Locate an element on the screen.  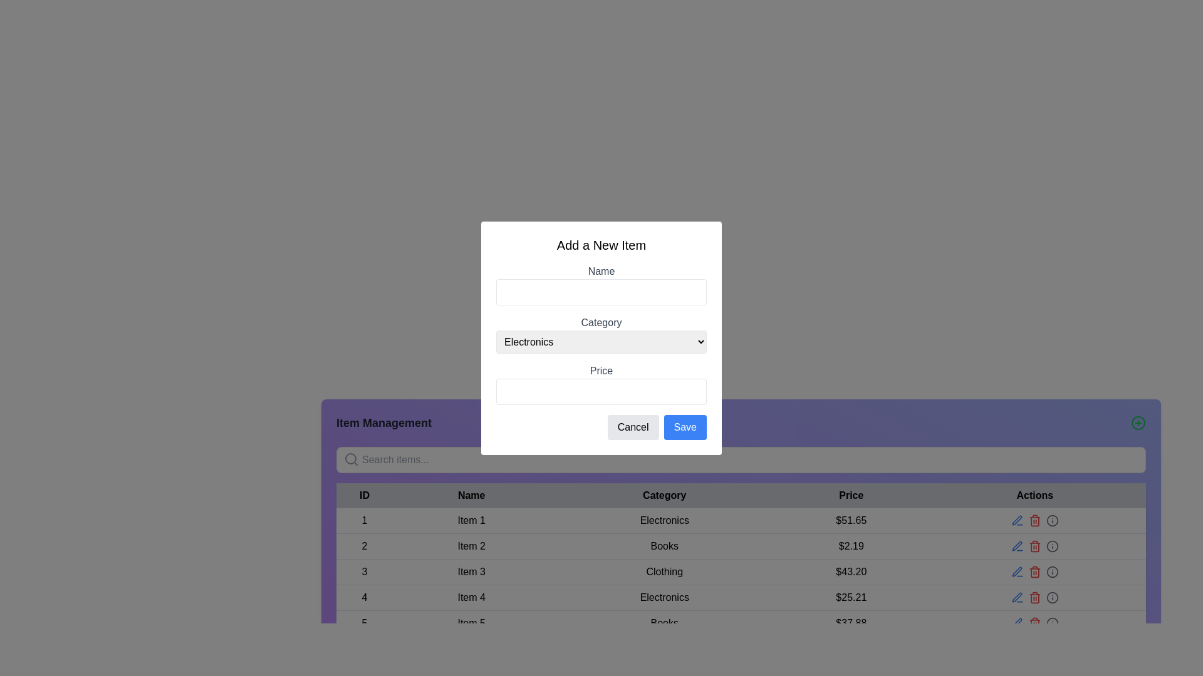
the label displaying 'Item 4' in the Name column of the table, which is located in the row corresponding to ID '4', adjacent to the 'Electronics' label in the Category column is located at coordinates (471, 597).